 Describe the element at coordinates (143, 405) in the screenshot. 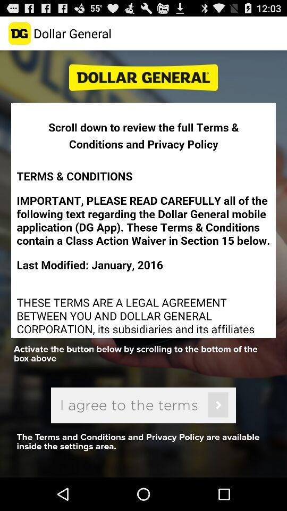

I see `agree` at that location.